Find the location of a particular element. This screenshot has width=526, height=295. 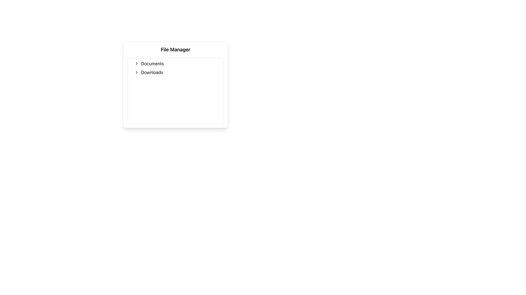

the 'Documents' text label is located at coordinates (152, 63).